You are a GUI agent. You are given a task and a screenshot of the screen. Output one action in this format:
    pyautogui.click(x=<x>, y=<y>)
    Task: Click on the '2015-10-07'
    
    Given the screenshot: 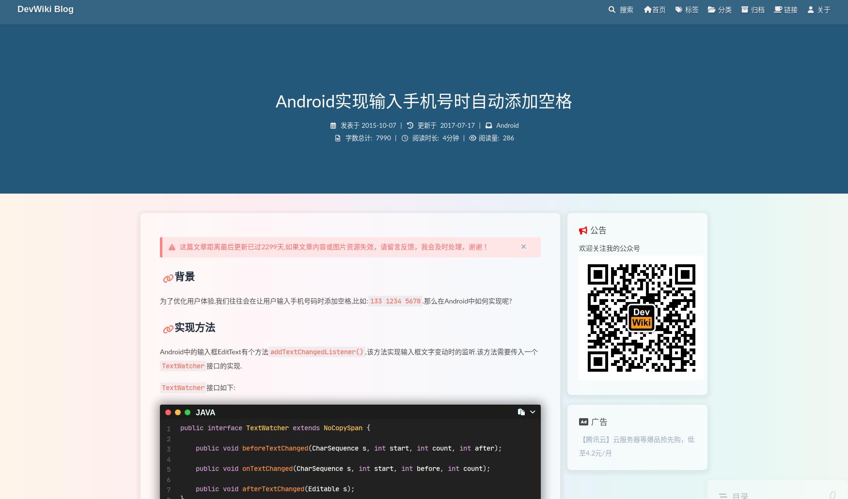 What is the action you would take?
    pyautogui.click(x=361, y=125)
    